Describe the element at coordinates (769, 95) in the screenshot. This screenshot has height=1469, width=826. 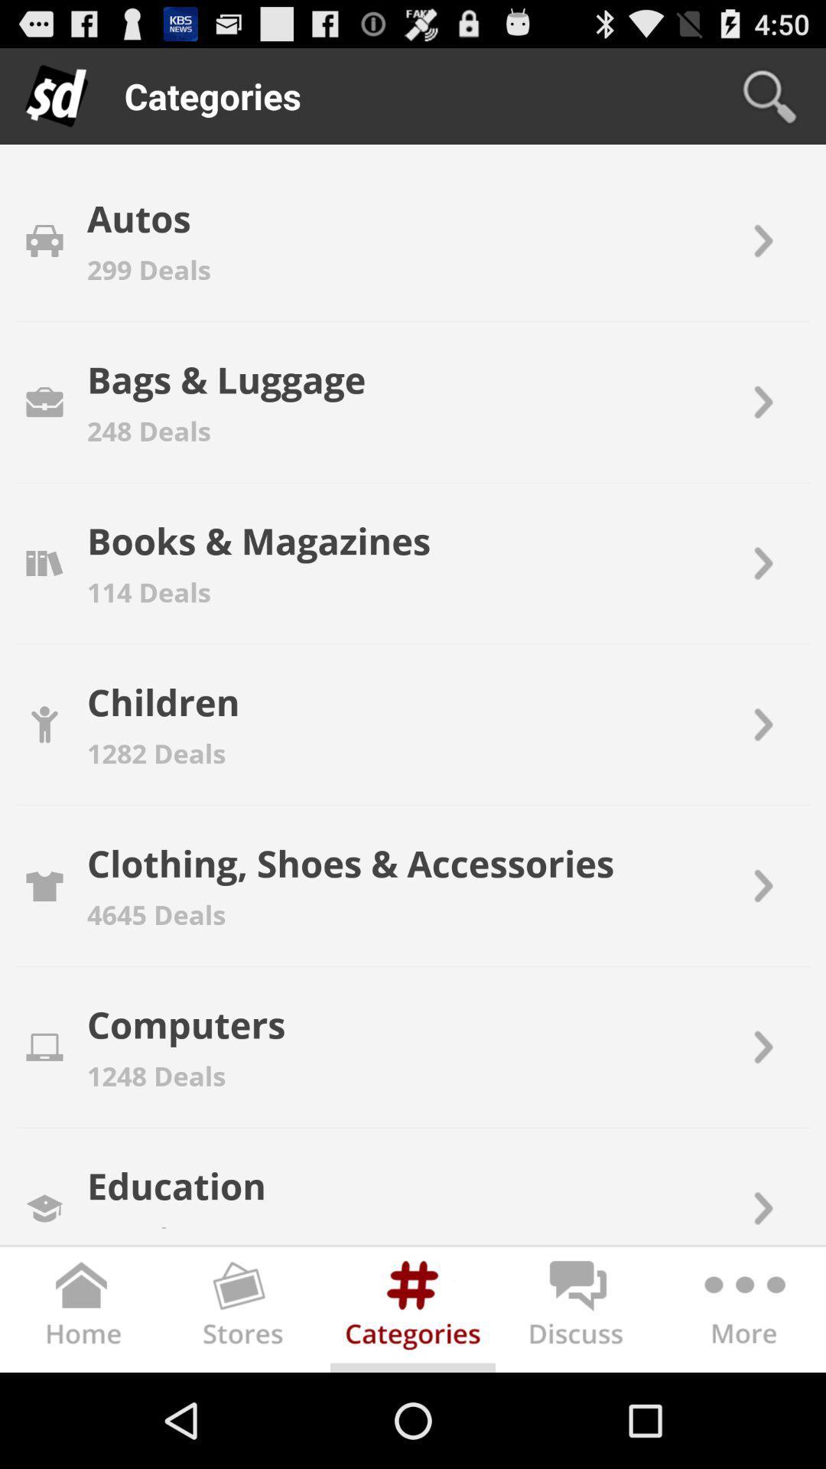
I see `app to the right of    categories item` at that location.